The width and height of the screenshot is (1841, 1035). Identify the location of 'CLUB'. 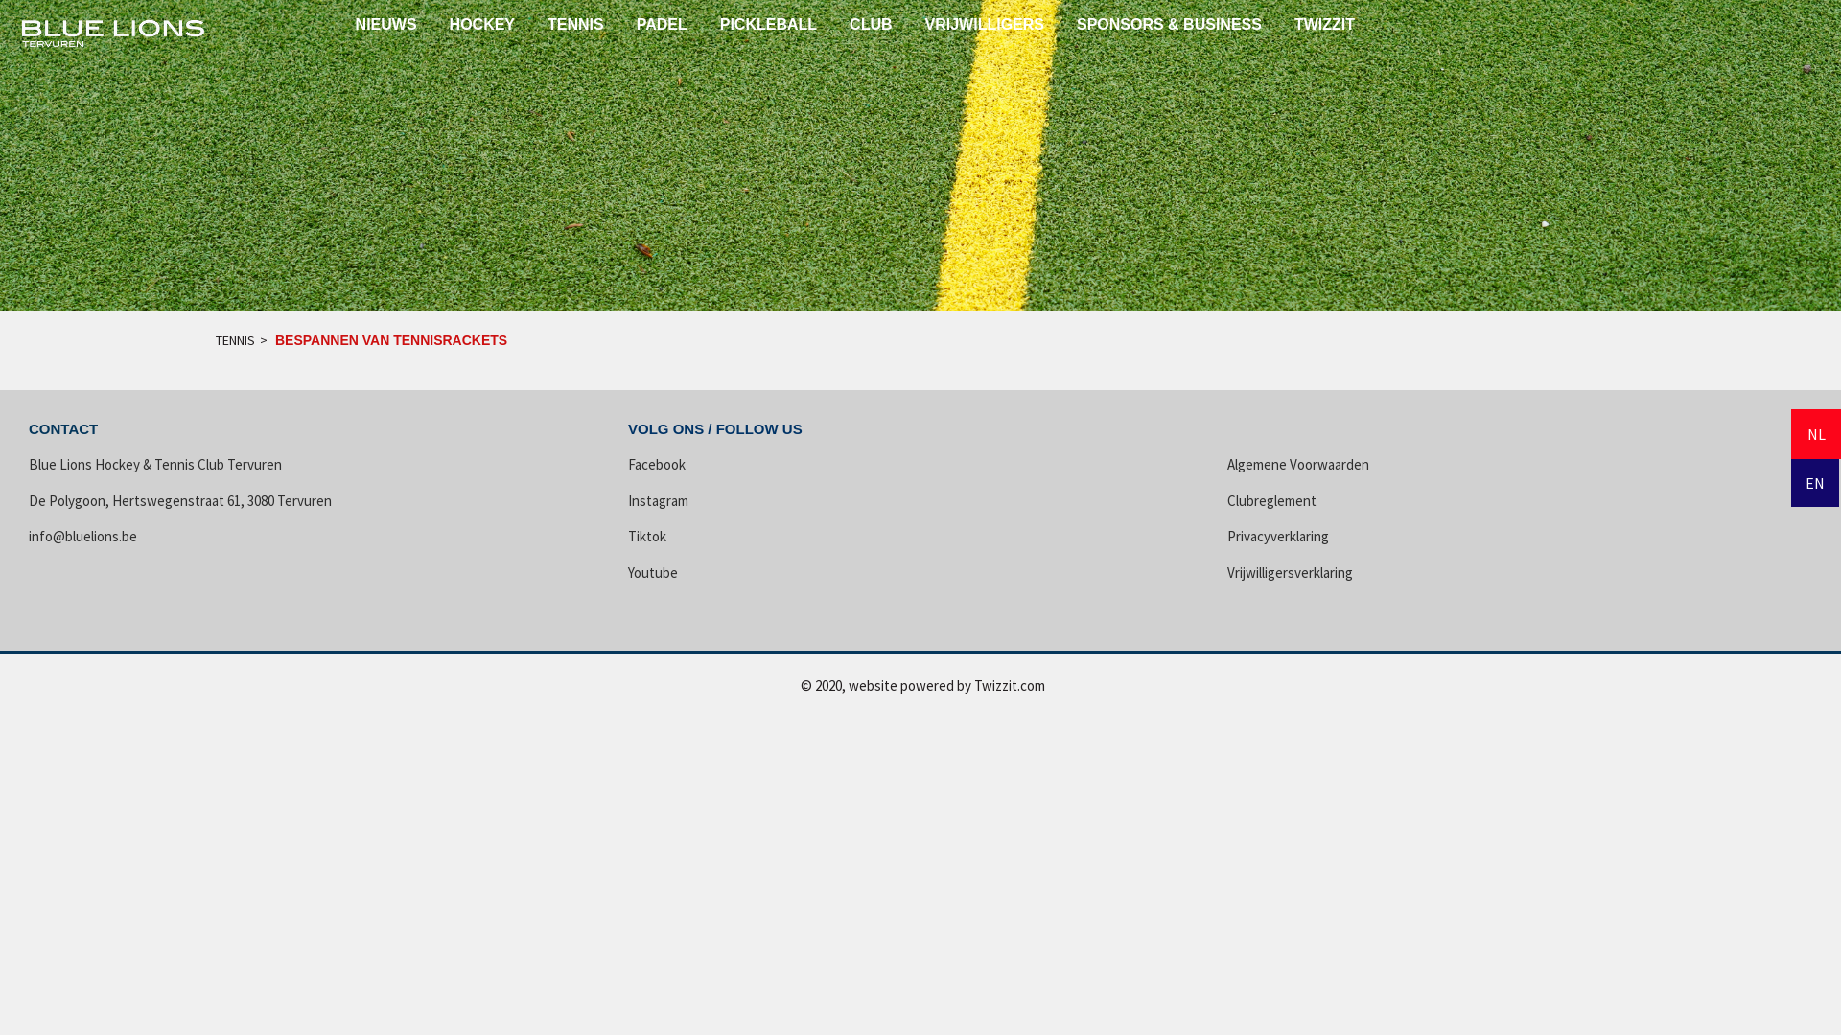
(869, 25).